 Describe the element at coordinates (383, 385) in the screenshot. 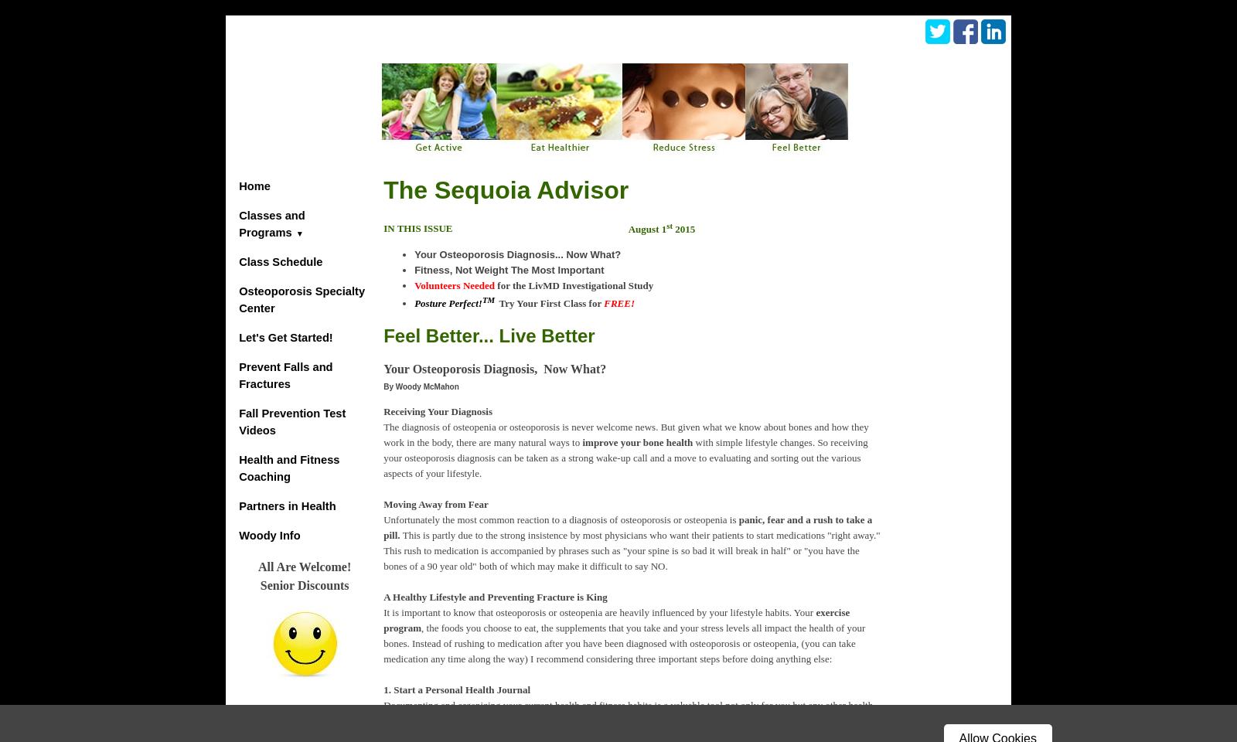

I see `'By Woody McMahon'` at that location.